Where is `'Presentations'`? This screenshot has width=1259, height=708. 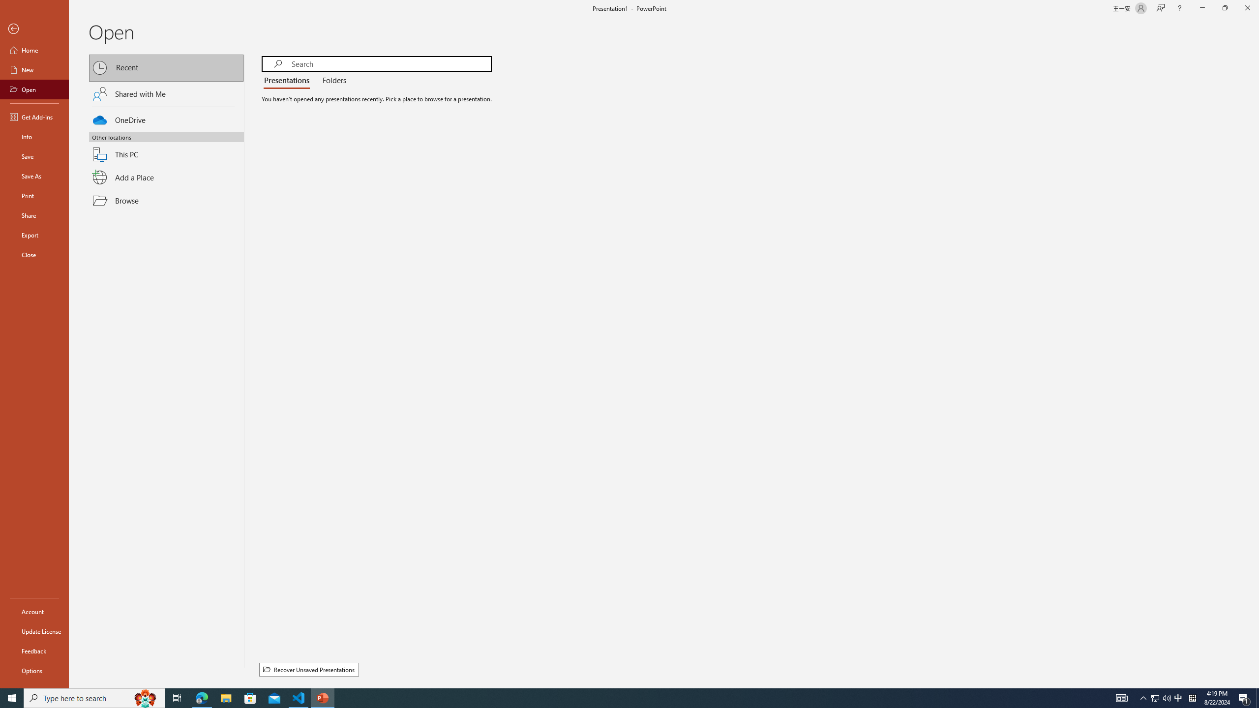 'Presentations' is located at coordinates (289, 81).